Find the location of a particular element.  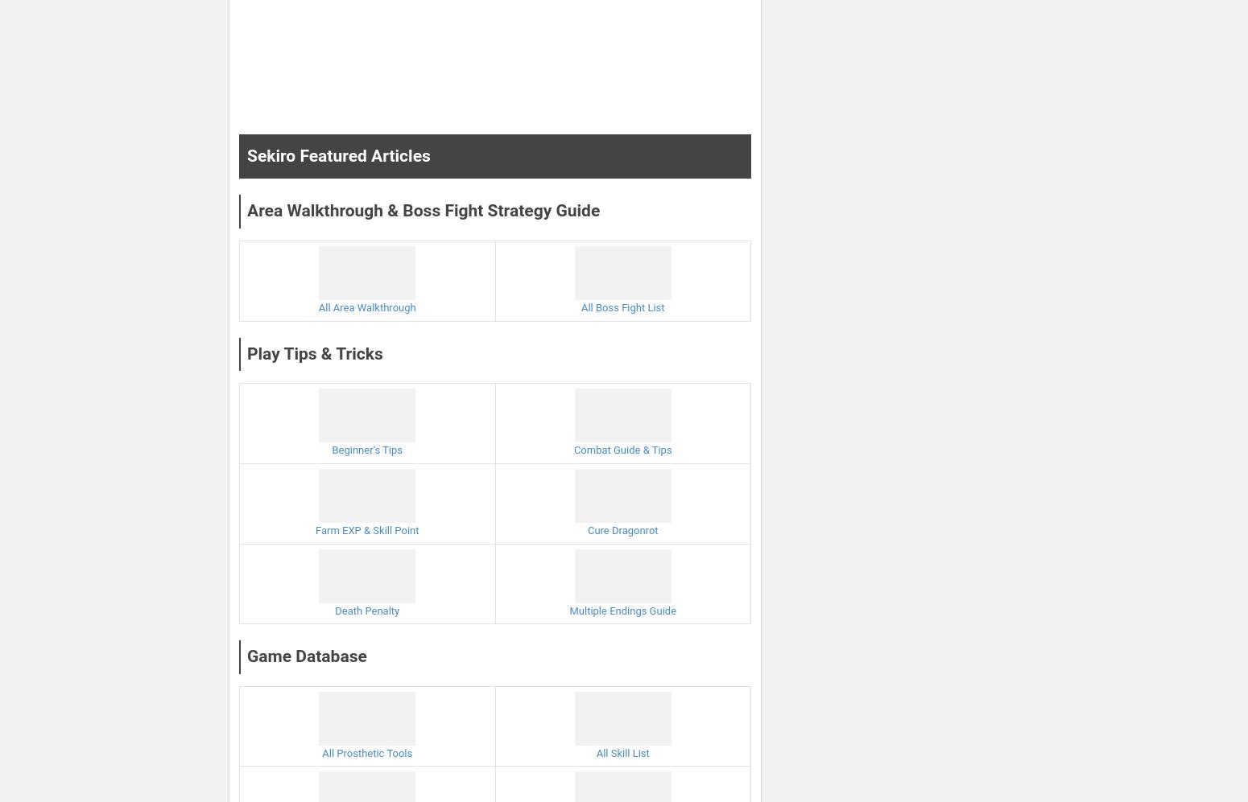

'All Boss Fight List' is located at coordinates (622, 307).